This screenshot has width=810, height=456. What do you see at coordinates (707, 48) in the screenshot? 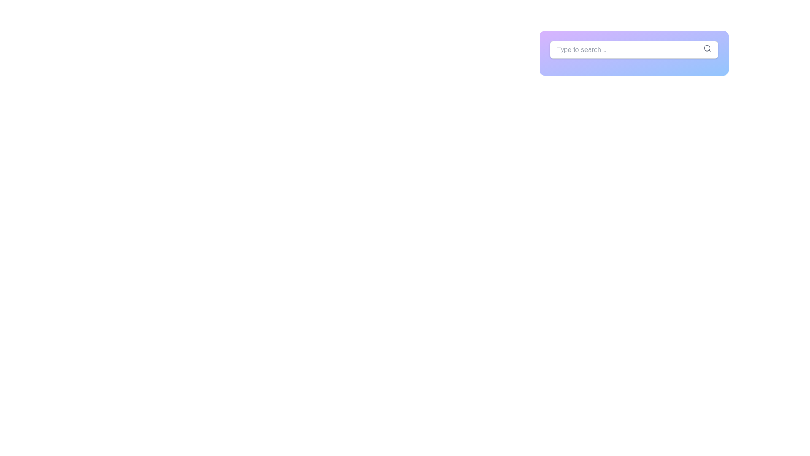
I see `the circular part of the search icon representing the lens of a magnifying glass located on the right-hand side of the search input box` at bounding box center [707, 48].